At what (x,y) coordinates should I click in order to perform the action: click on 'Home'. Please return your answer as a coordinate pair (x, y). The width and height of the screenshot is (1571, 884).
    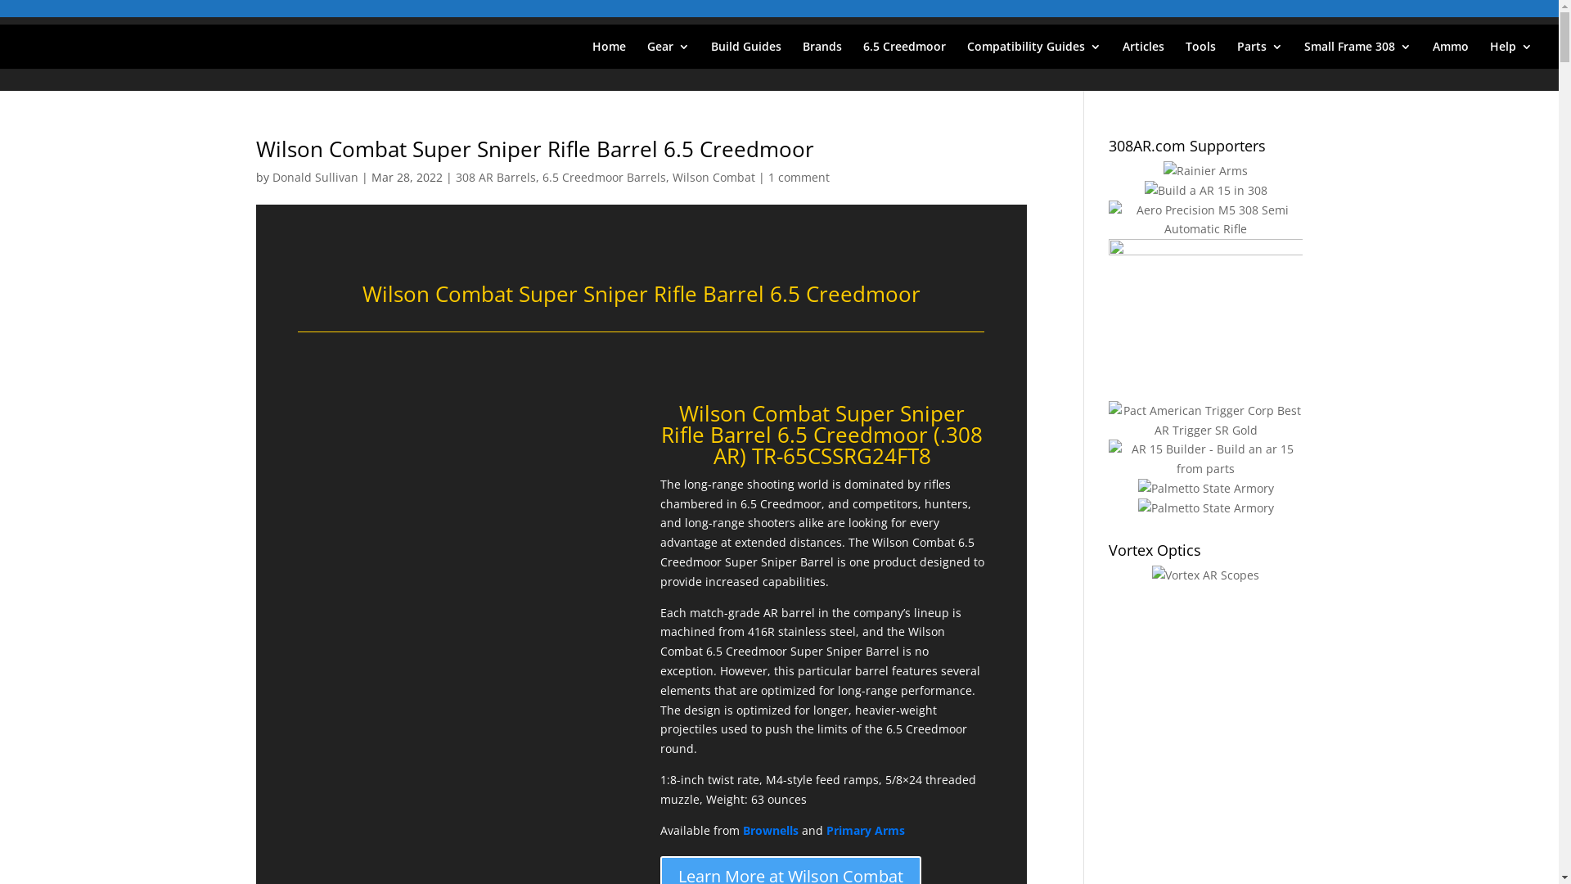
    Looking at the image, I should click on (608, 53).